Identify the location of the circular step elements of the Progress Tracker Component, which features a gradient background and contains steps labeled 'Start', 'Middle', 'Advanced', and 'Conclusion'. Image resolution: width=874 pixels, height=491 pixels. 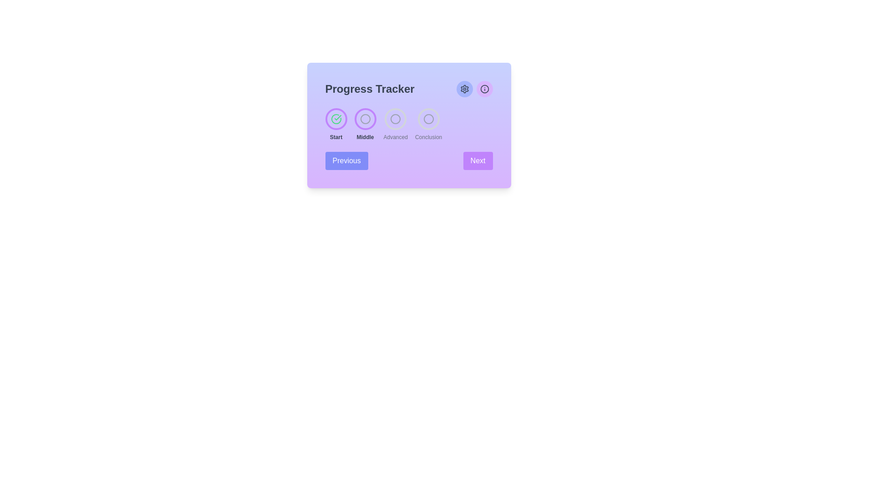
(408, 125).